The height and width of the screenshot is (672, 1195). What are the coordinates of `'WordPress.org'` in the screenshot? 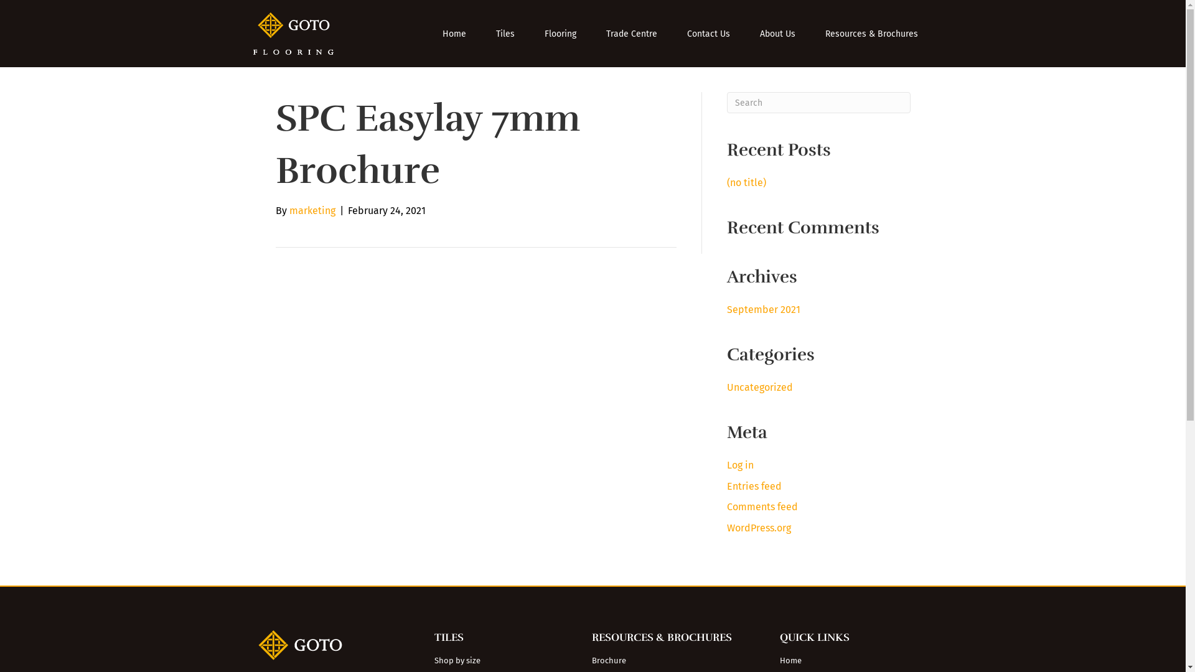 It's located at (726, 528).